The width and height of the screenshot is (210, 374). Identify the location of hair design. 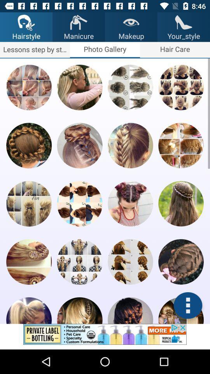
(181, 87).